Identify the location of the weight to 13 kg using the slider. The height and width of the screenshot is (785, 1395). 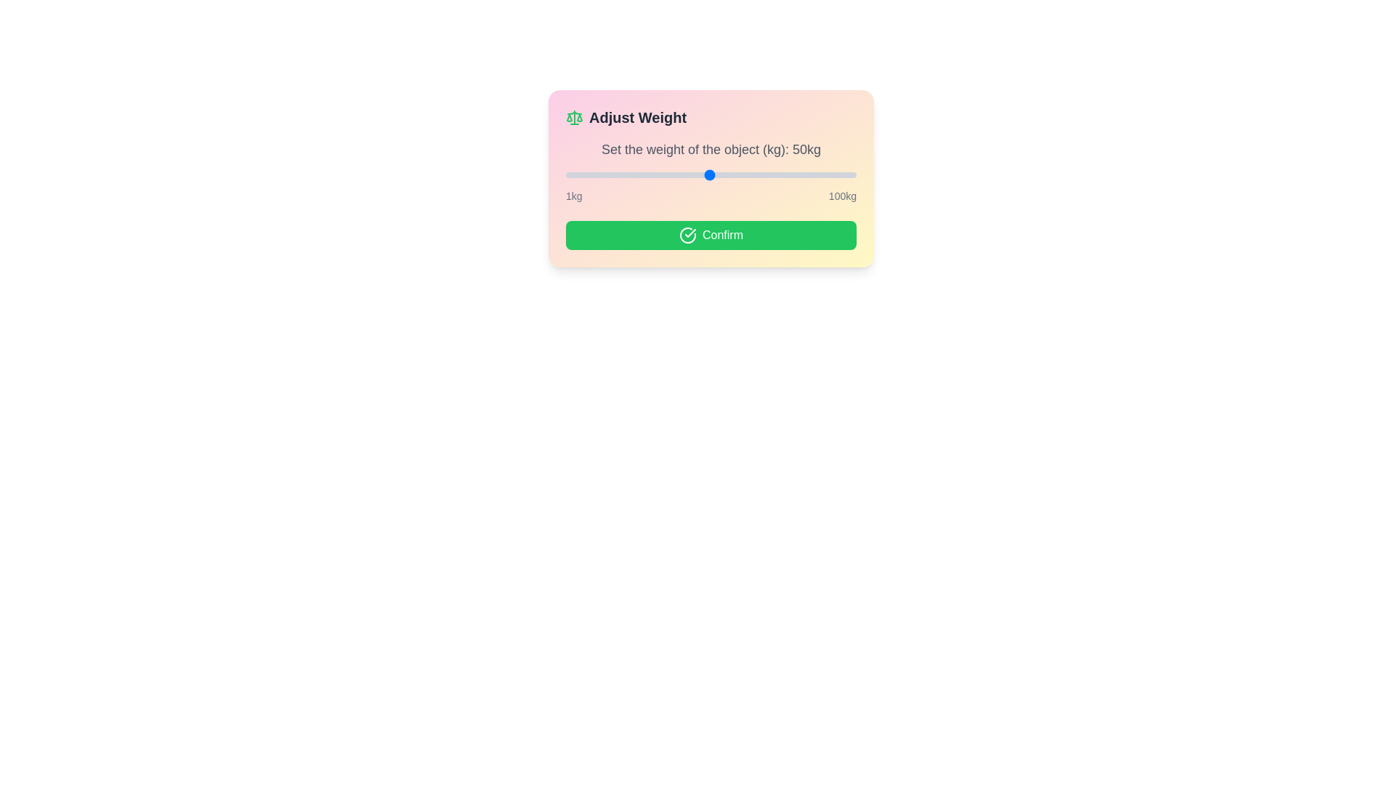
(601, 174).